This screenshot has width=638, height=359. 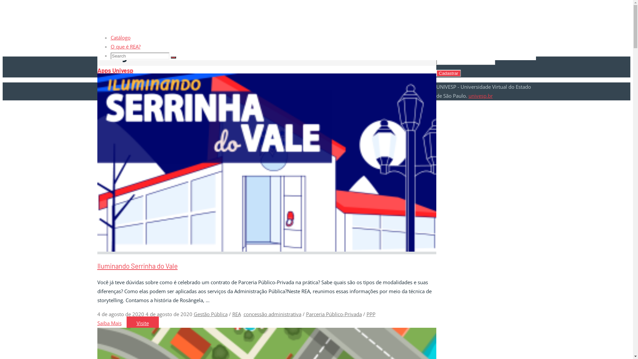 I want to click on 'Iluminando Serrinha do Vale', so click(x=137, y=265).